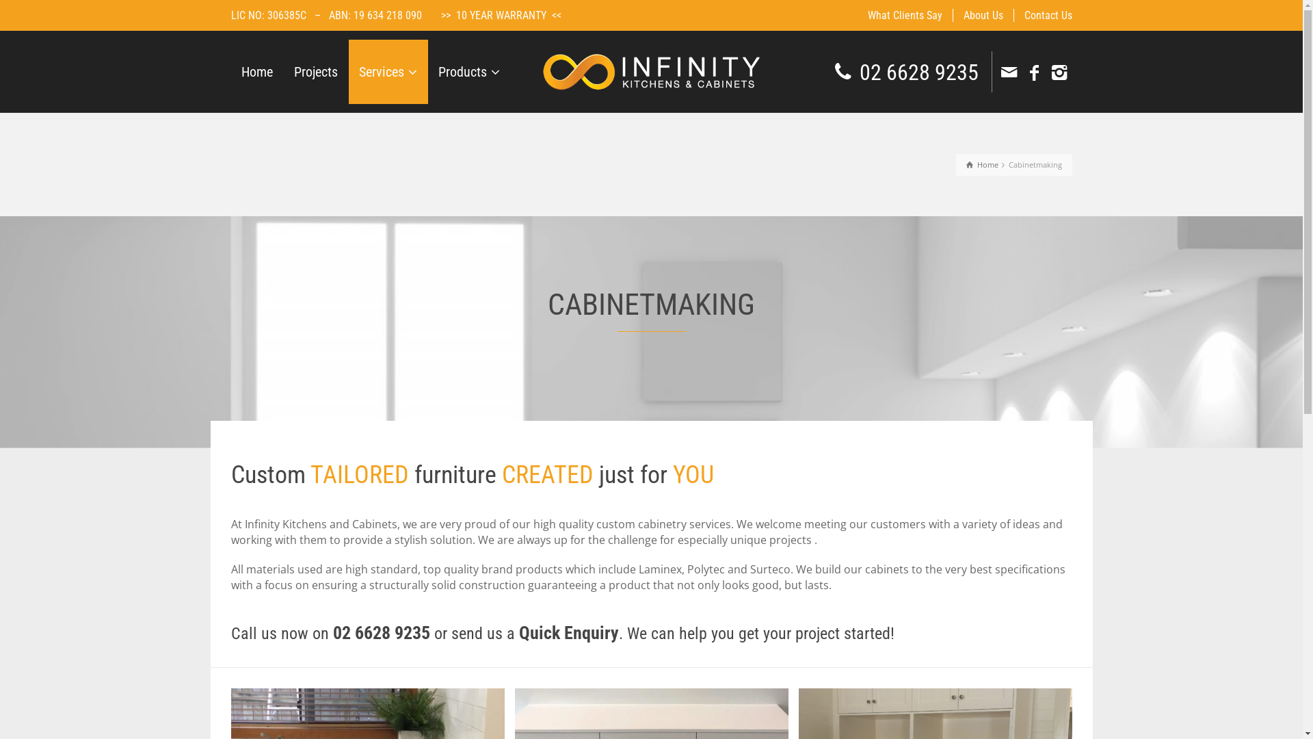 The width and height of the screenshot is (1313, 739). Describe the element at coordinates (1035, 72) in the screenshot. I see `'Facebook'` at that location.